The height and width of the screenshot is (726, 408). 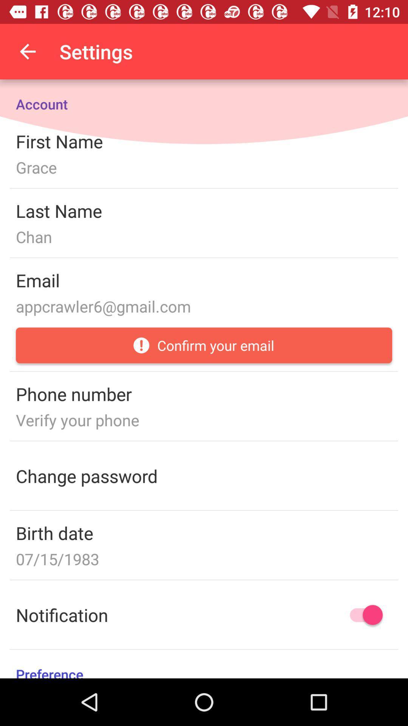 What do you see at coordinates (27, 51) in the screenshot?
I see `the item next to settings` at bounding box center [27, 51].